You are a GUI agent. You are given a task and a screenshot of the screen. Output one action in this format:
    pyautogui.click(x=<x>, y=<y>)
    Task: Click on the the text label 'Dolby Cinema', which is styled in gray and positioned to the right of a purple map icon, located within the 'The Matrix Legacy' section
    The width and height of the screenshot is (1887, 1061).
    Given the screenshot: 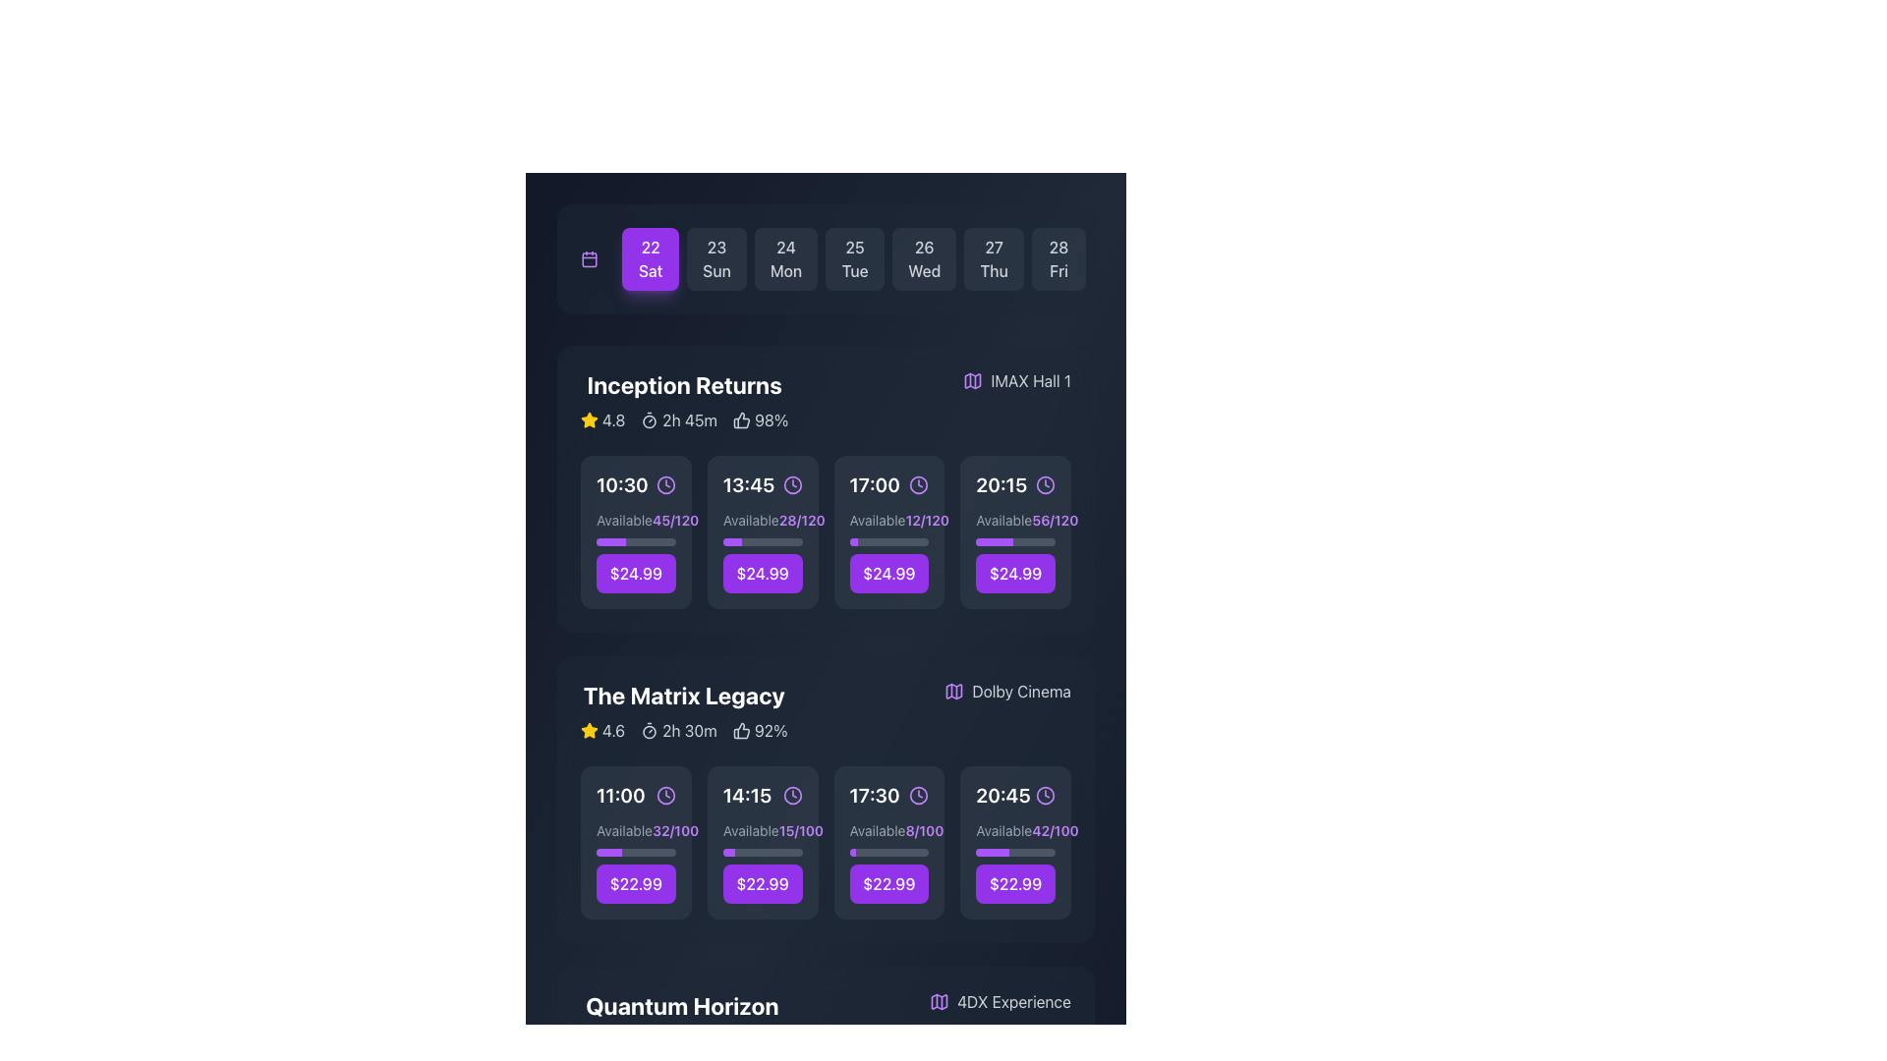 What is the action you would take?
    pyautogui.click(x=1021, y=691)
    